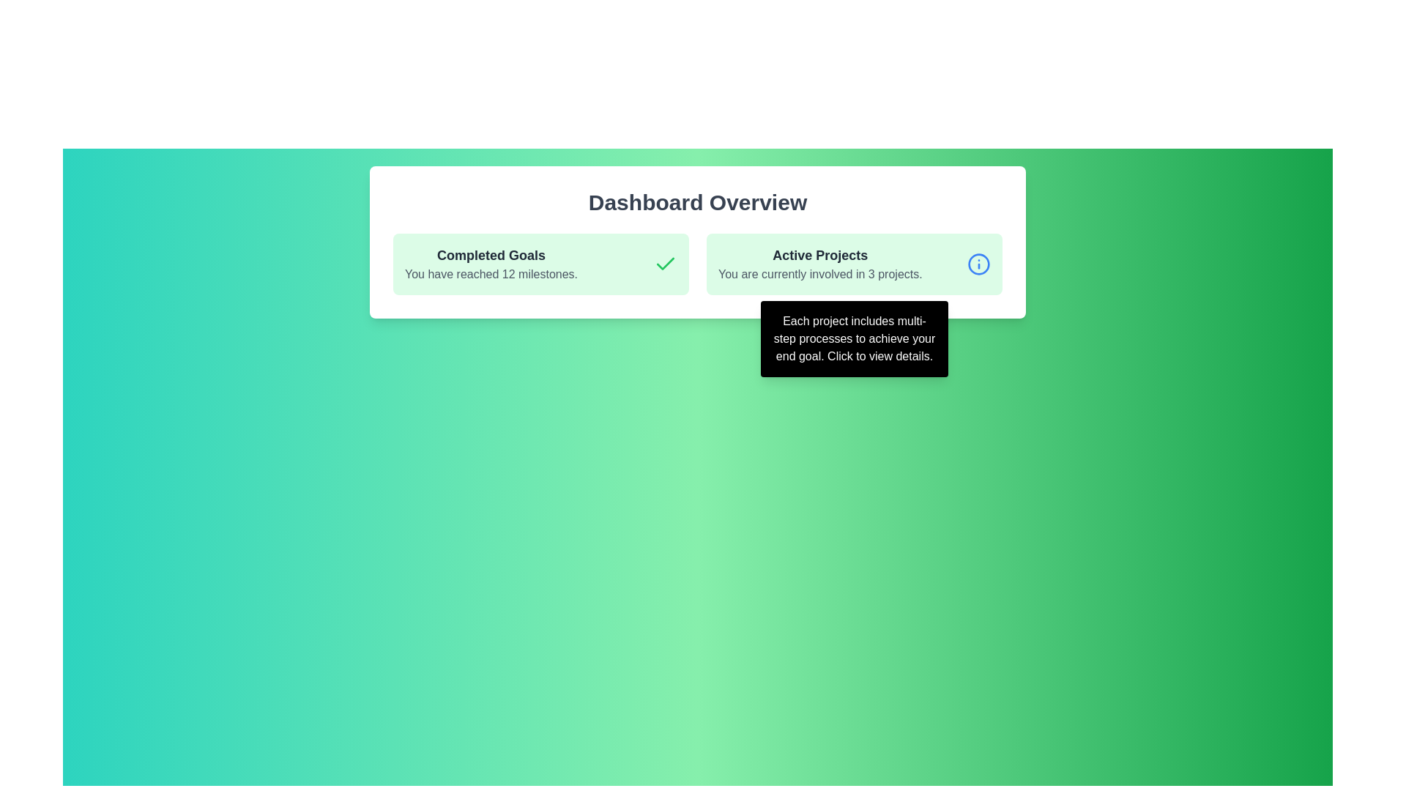 The width and height of the screenshot is (1406, 791). What do you see at coordinates (854, 338) in the screenshot?
I see `the tooltip providing additional details about the 'Active Projects' section for accessible reading by moving the cursor to the center of the tooltip` at bounding box center [854, 338].